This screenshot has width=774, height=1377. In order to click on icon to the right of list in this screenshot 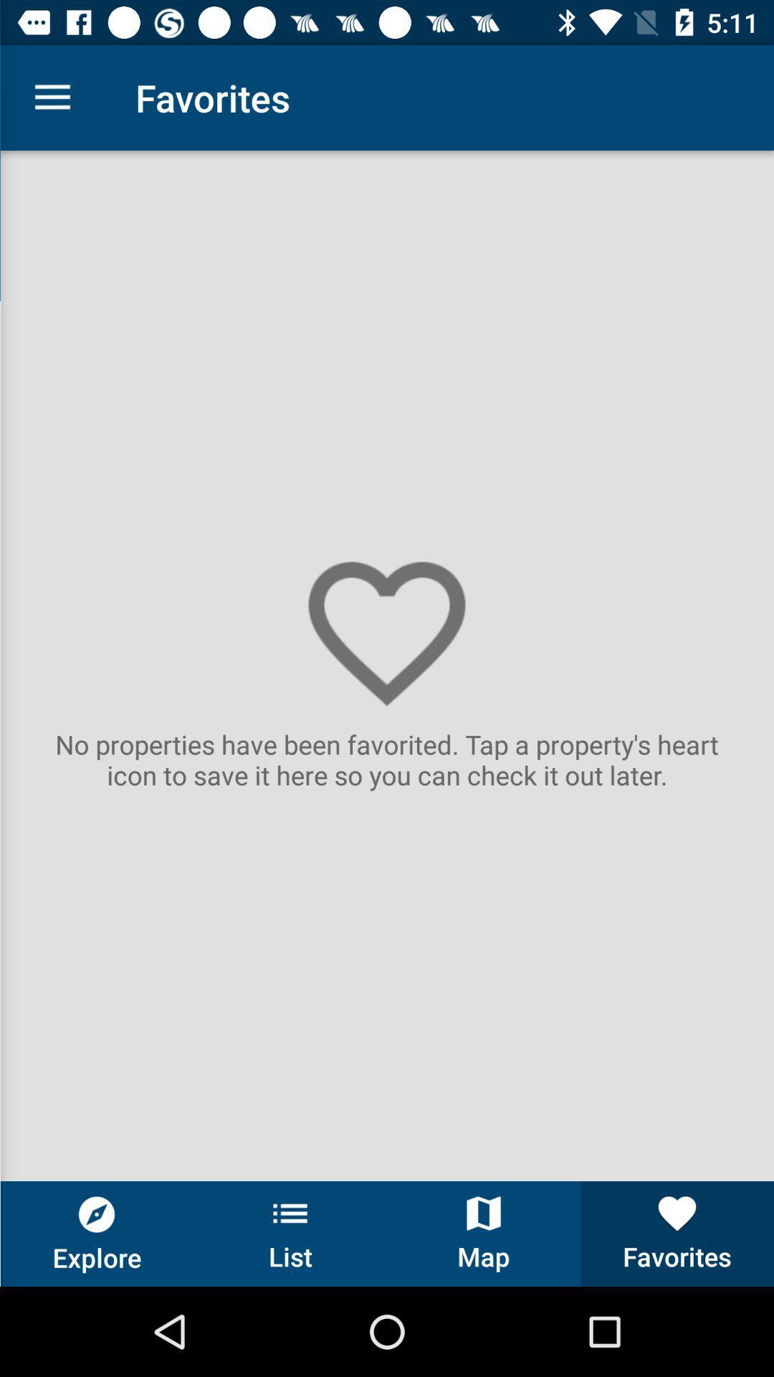, I will do `click(484, 1233)`.